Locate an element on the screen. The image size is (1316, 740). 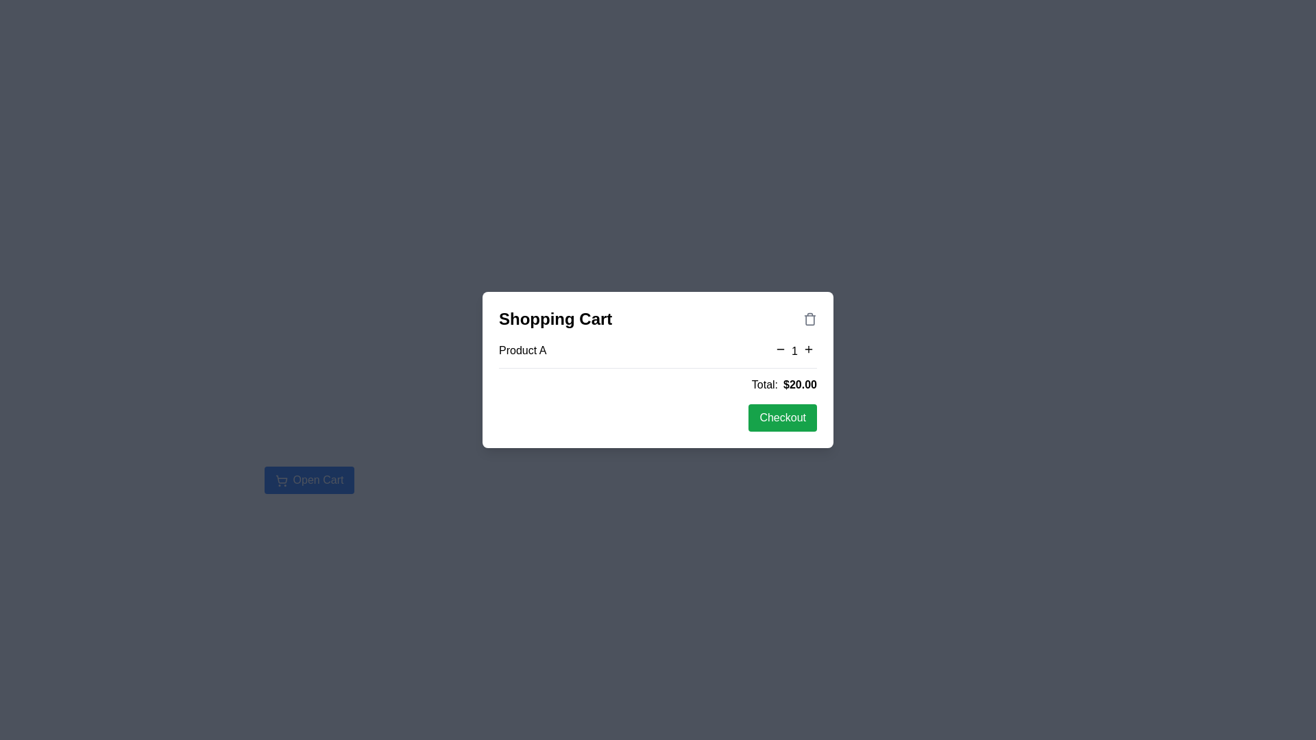
the circular button with a plus symbol located on the right side of the product quantity indicator in the shopping cart interface is located at coordinates (809, 348).